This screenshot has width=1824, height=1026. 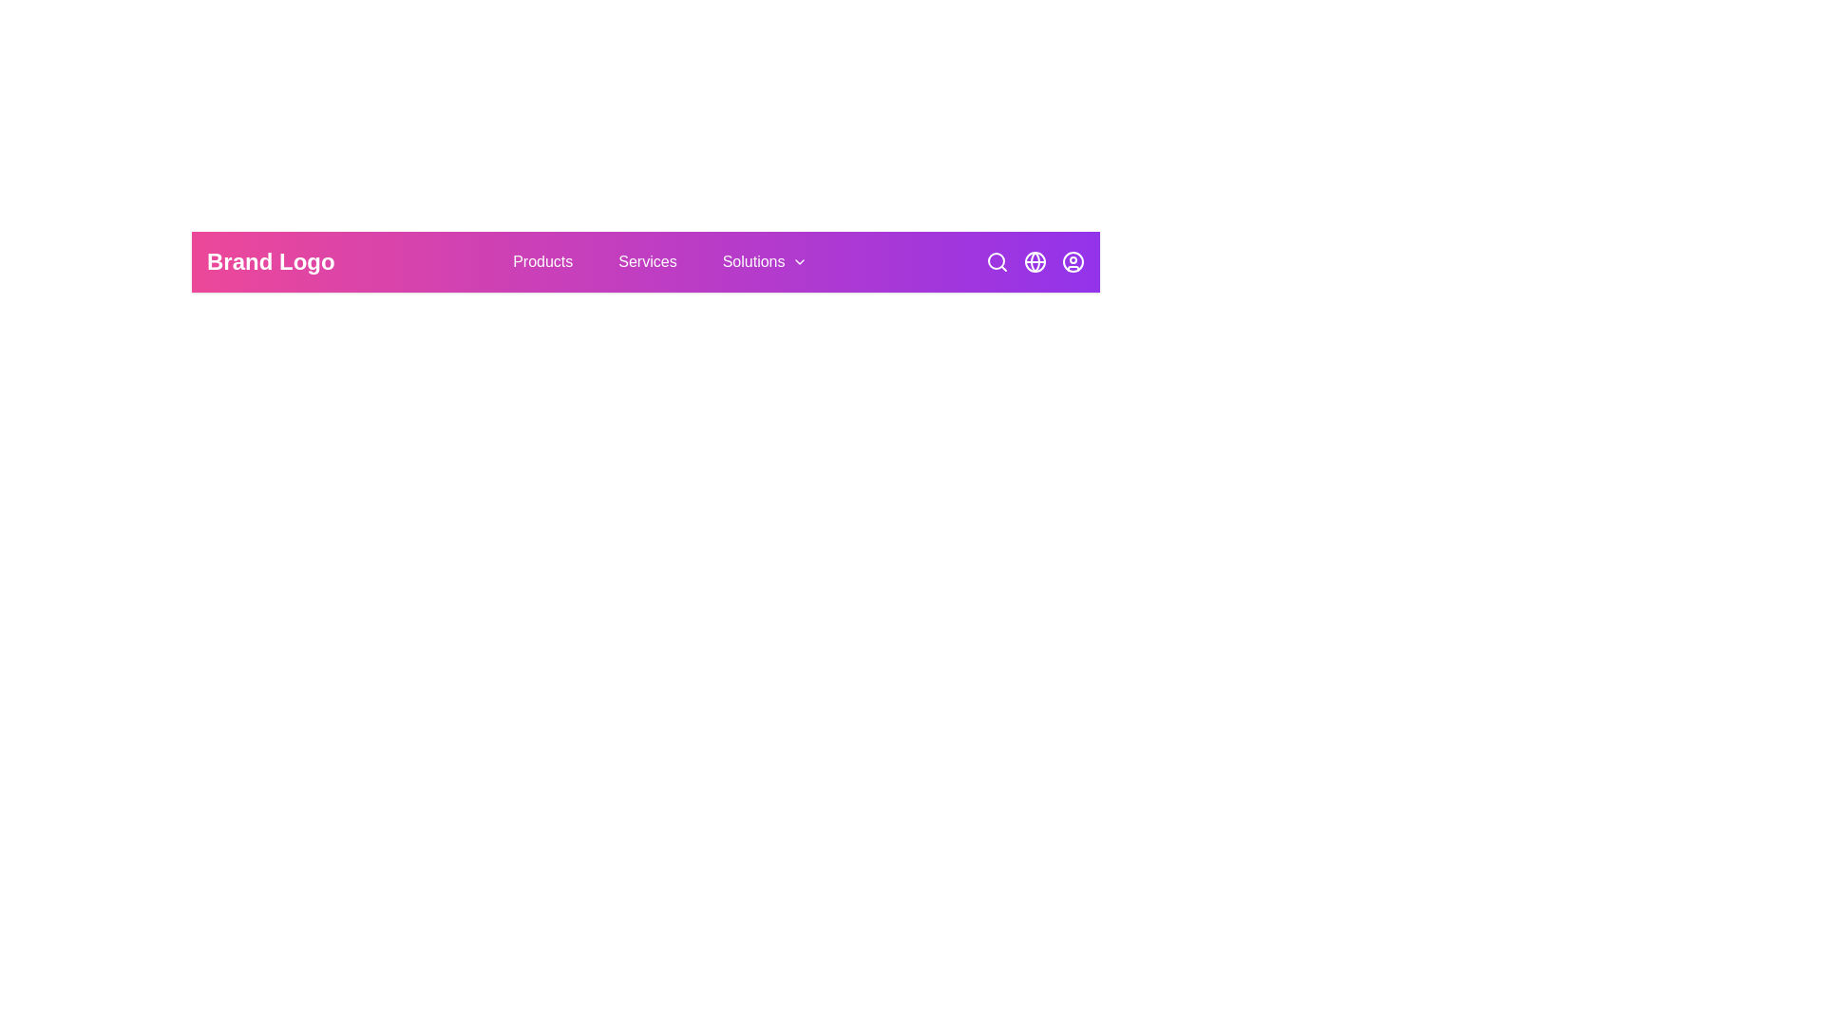 I want to click on the navigation button labeled Products, so click(x=541, y=262).